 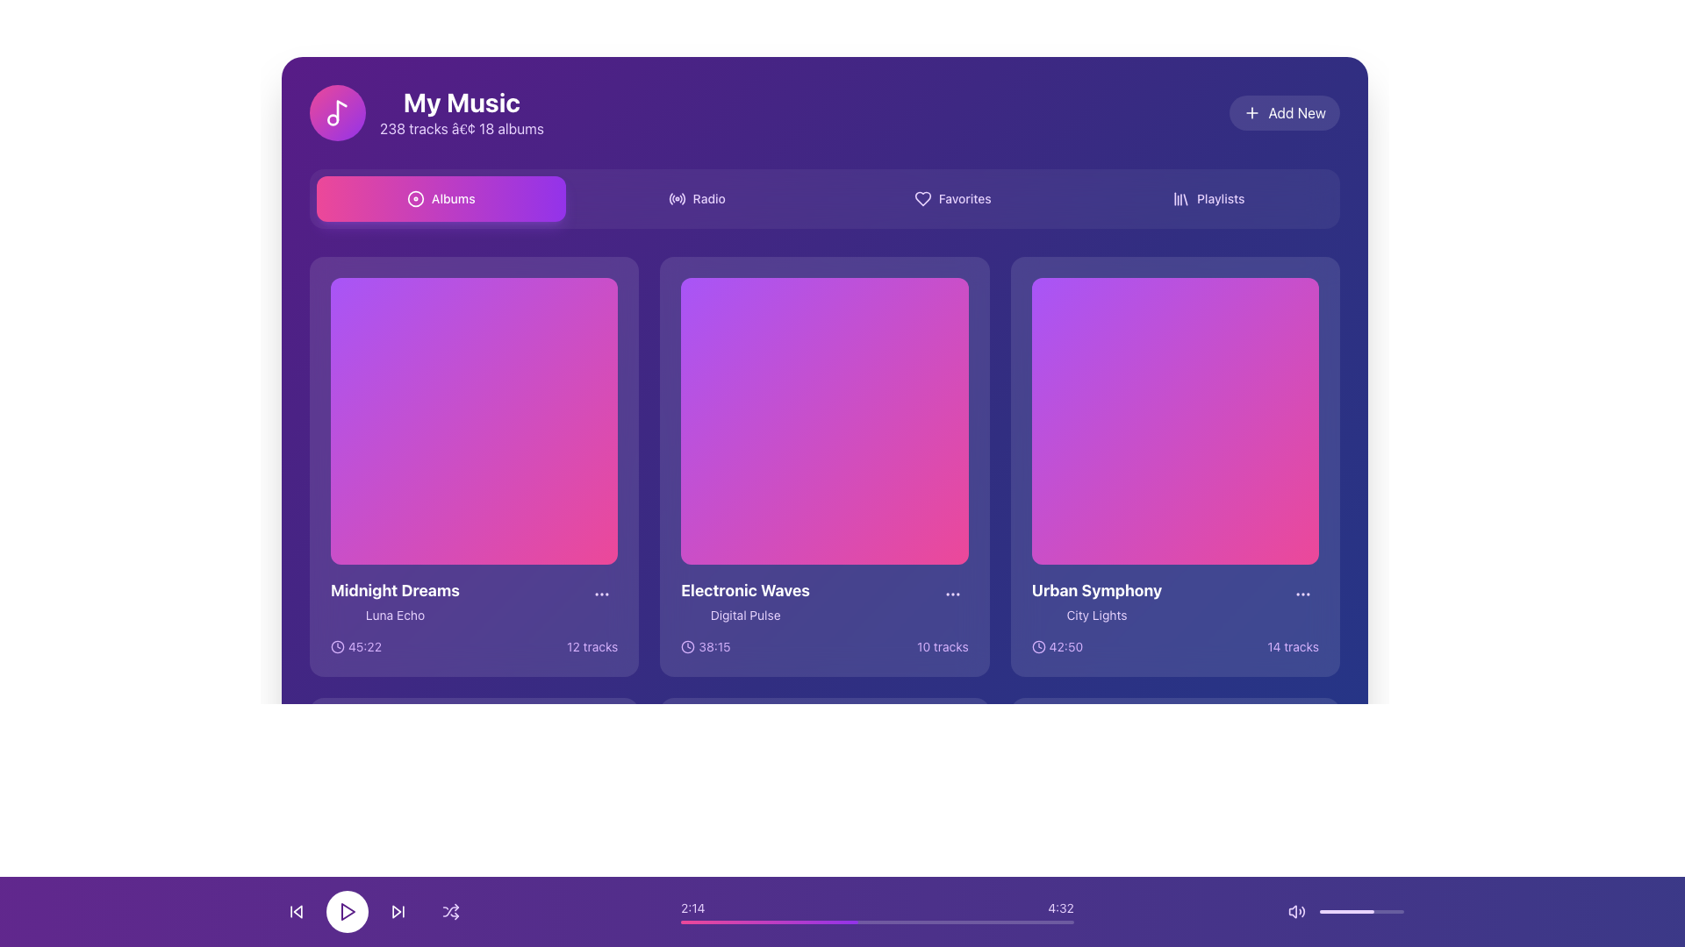 What do you see at coordinates (592, 647) in the screenshot?
I see `the text label displaying '12 tracks' located in the bottom right corner of the first album tile (Midnight Dreams), positioned to the right of '45:22'` at bounding box center [592, 647].